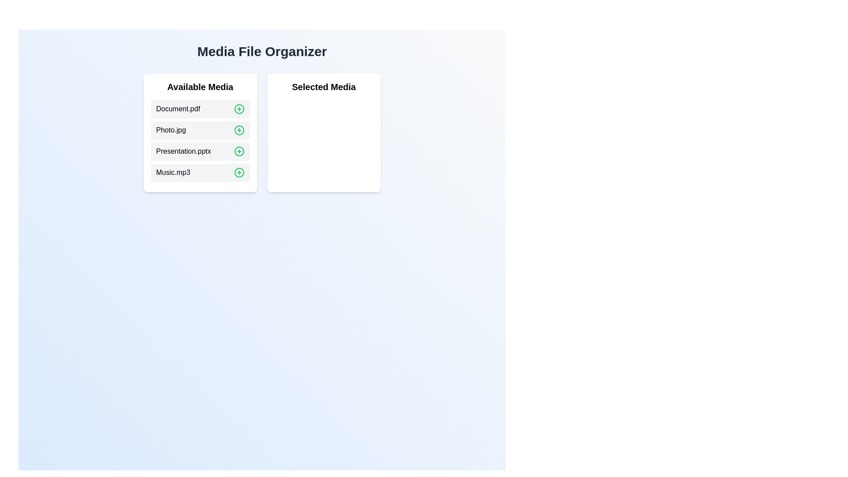 This screenshot has height=477, width=848. What do you see at coordinates (239, 108) in the screenshot?
I see `green plus icon next to Document.pdf in 'Available Media' to move it to 'Selected Media'` at bounding box center [239, 108].